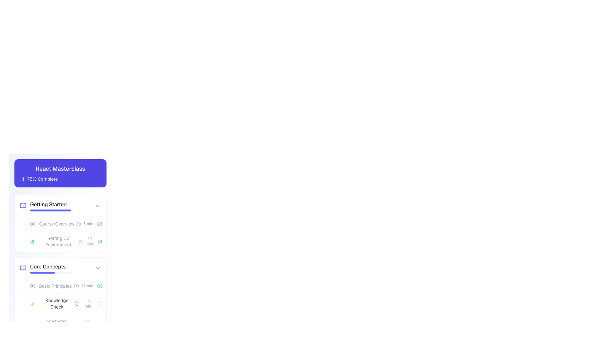  I want to click on the indigo book icon next to the text 'Core Concepts', so click(45, 268).